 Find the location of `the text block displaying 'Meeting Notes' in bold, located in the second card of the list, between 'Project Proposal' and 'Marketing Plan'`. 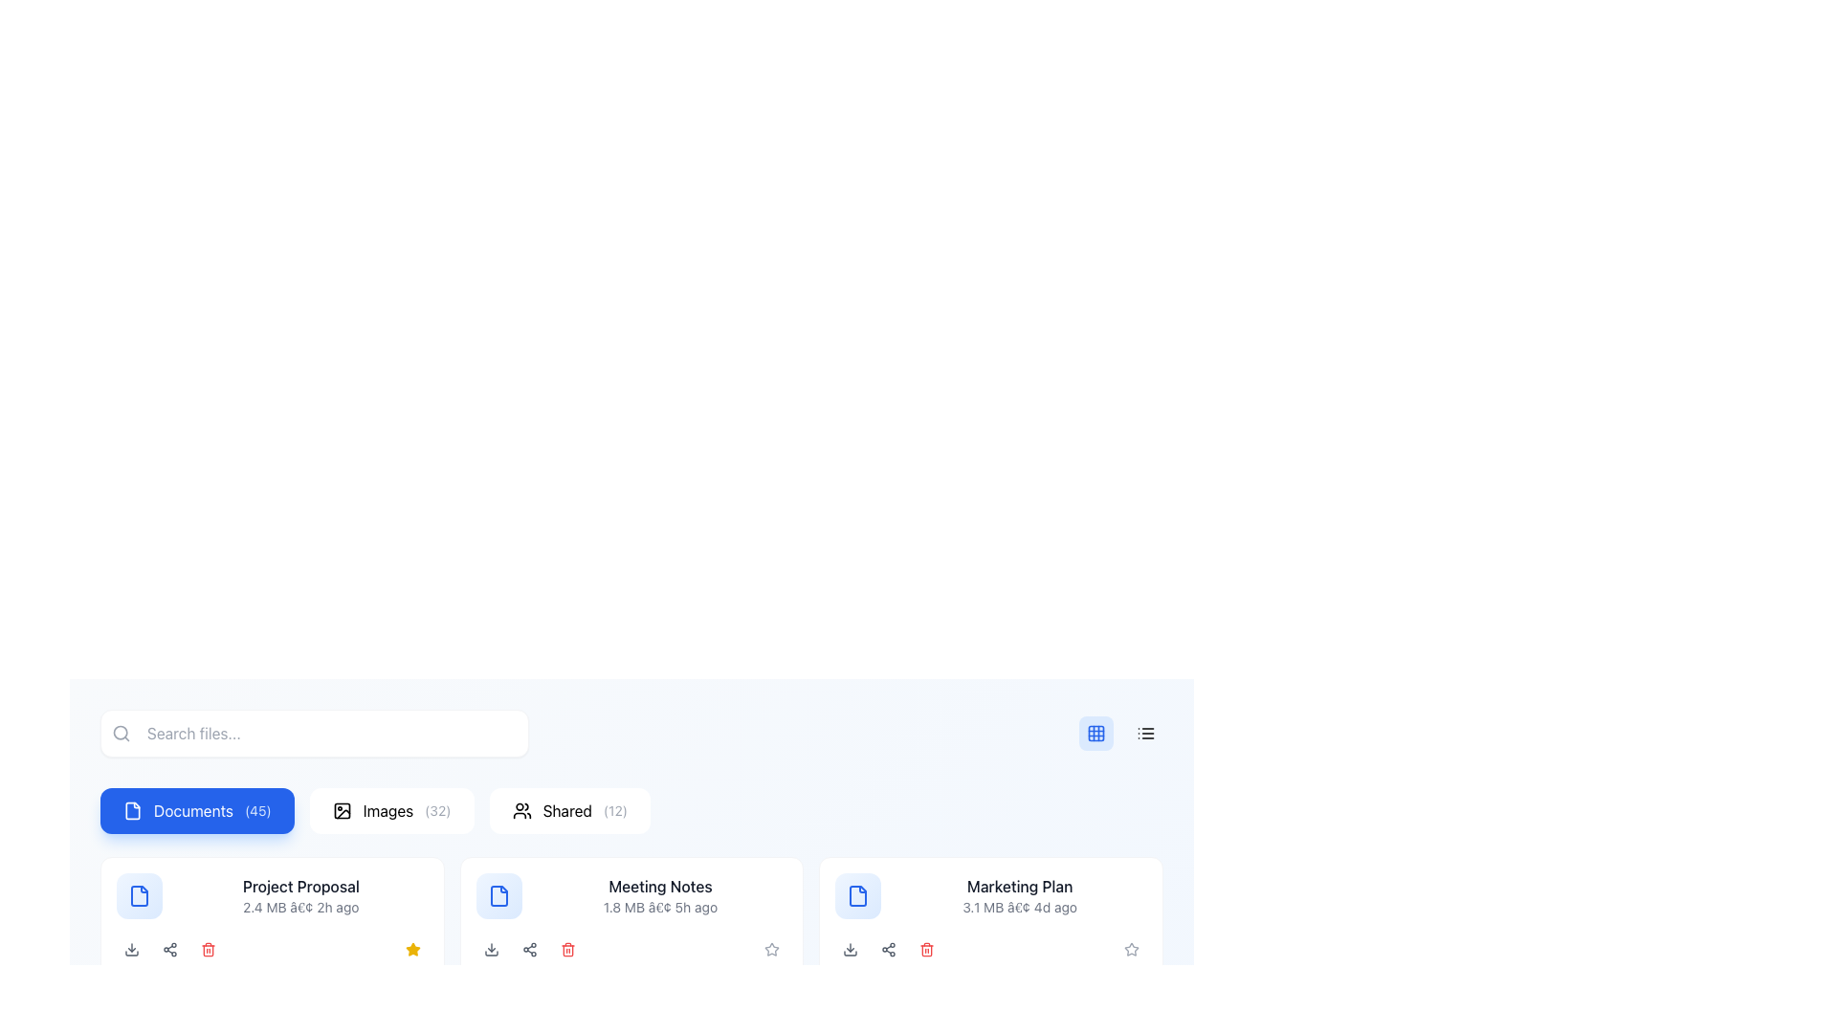

the text block displaying 'Meeting Notes' in bold, located in the second card of the list, between 'Project Proposal' and 'Marketing Plan' is located at coordinates (660, 896).